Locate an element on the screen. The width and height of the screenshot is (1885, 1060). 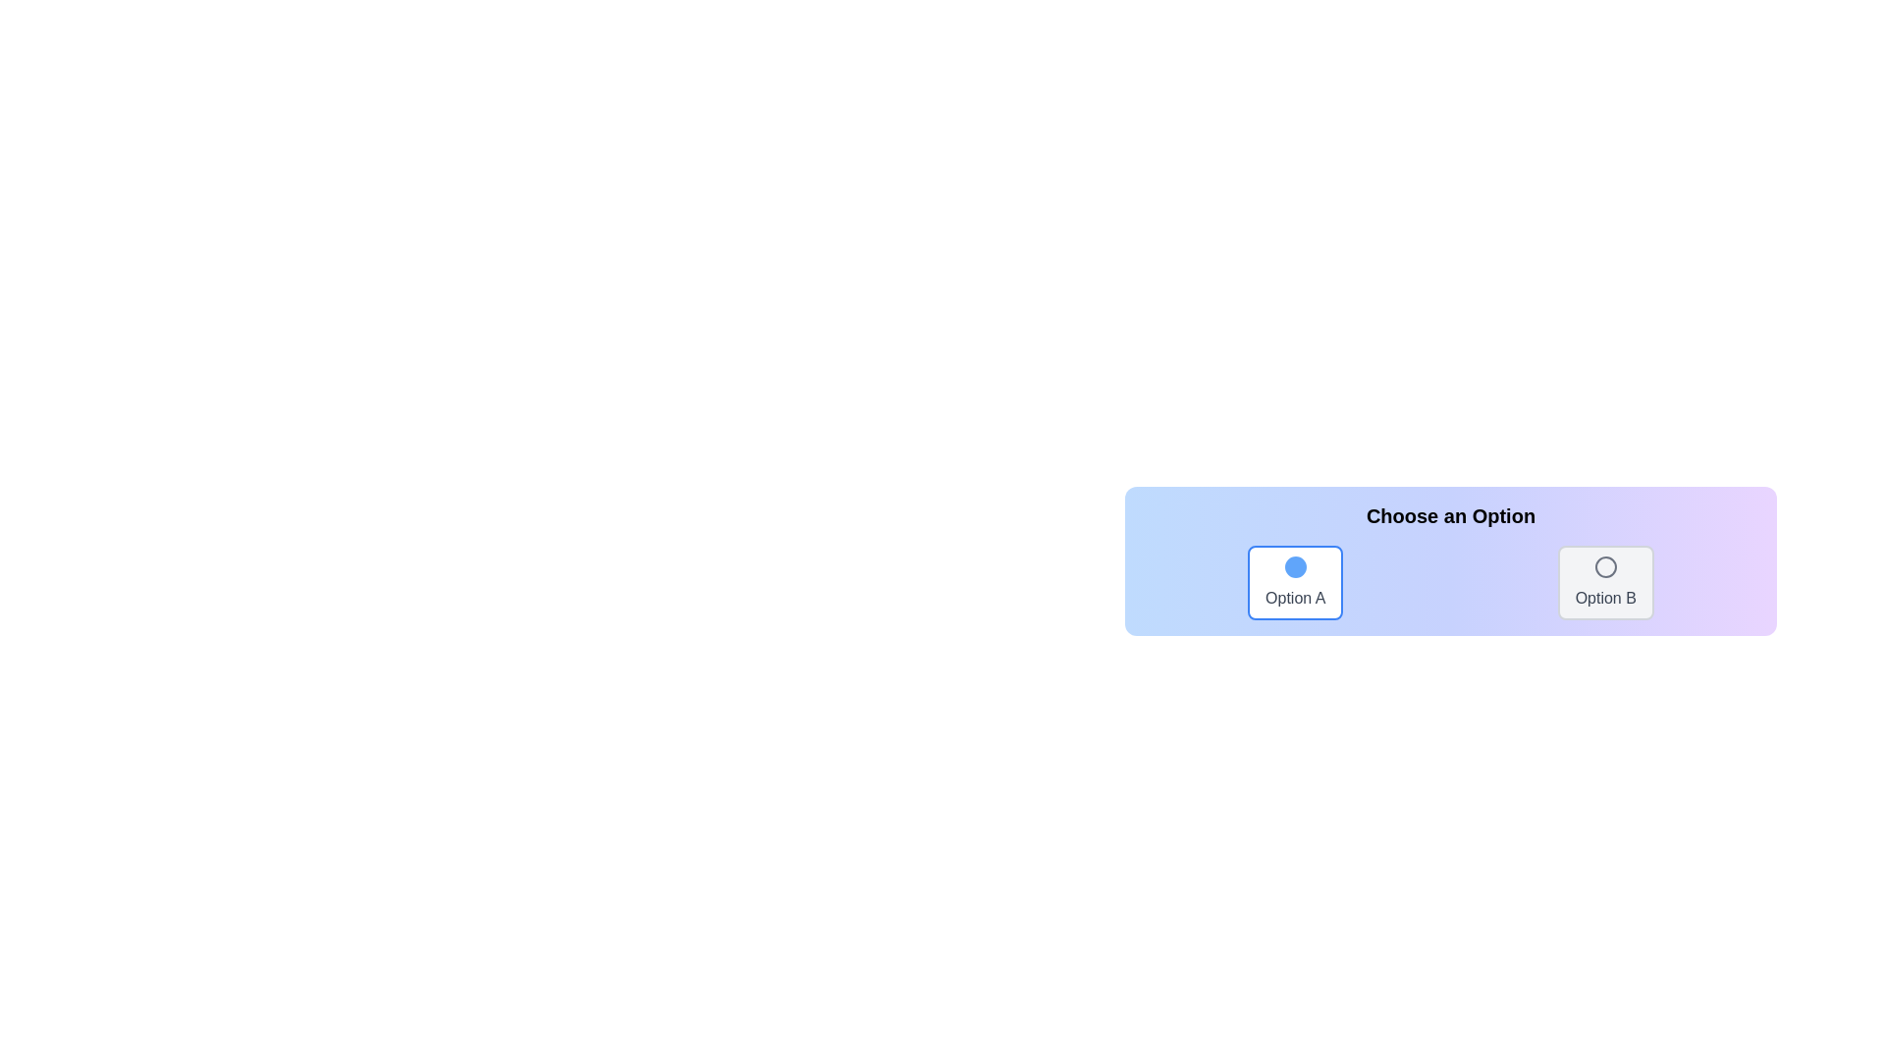
the blue circular radio button icon located at the center of the 'Option A' button beneath the heading 'Choose an Option' is located at coordinates (1295, 567).